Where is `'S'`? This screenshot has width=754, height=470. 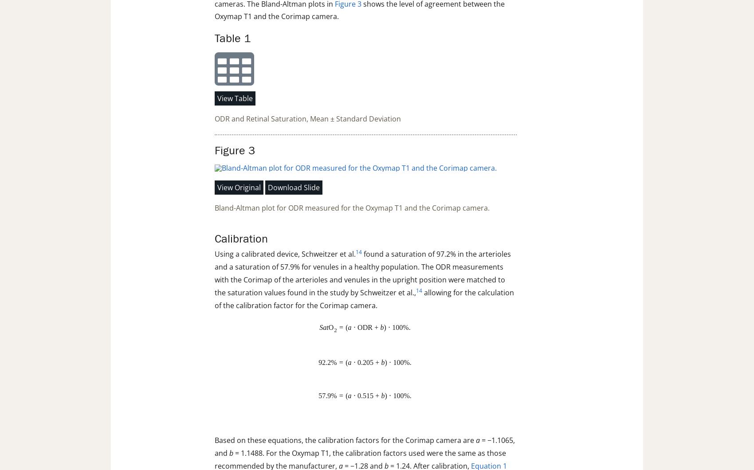 'S' is located at coordinates (321, 327).